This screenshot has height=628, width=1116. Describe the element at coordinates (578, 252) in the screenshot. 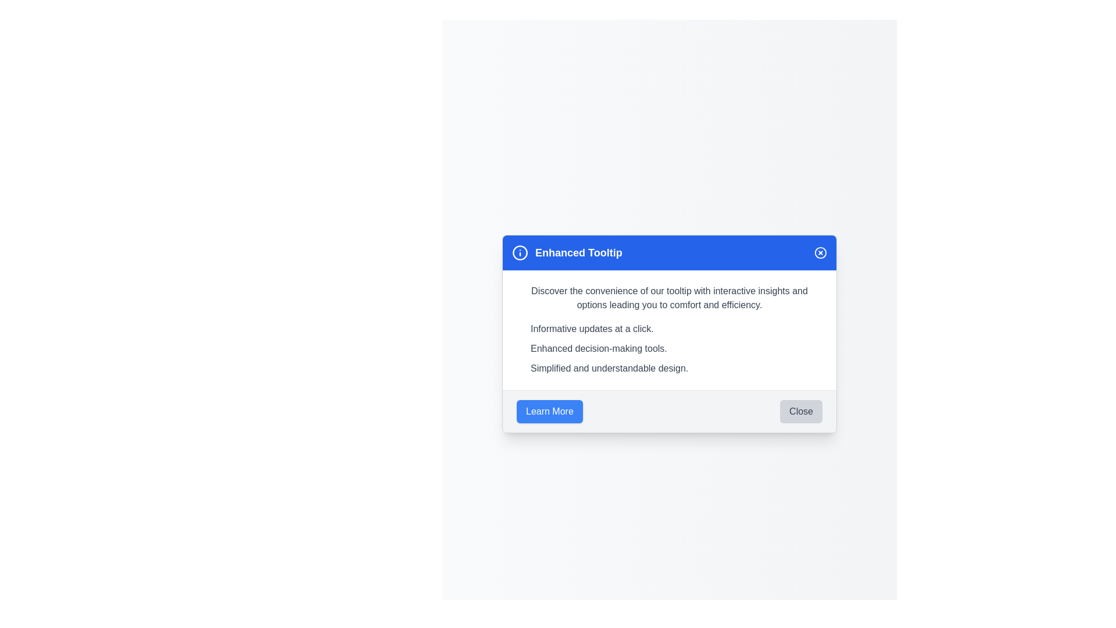

I see `the 'Enhanced Tooltip' text label, which is displayed in white, bold font on a blue background, located to the right of the information icon in the modal dialog's header` at that location.